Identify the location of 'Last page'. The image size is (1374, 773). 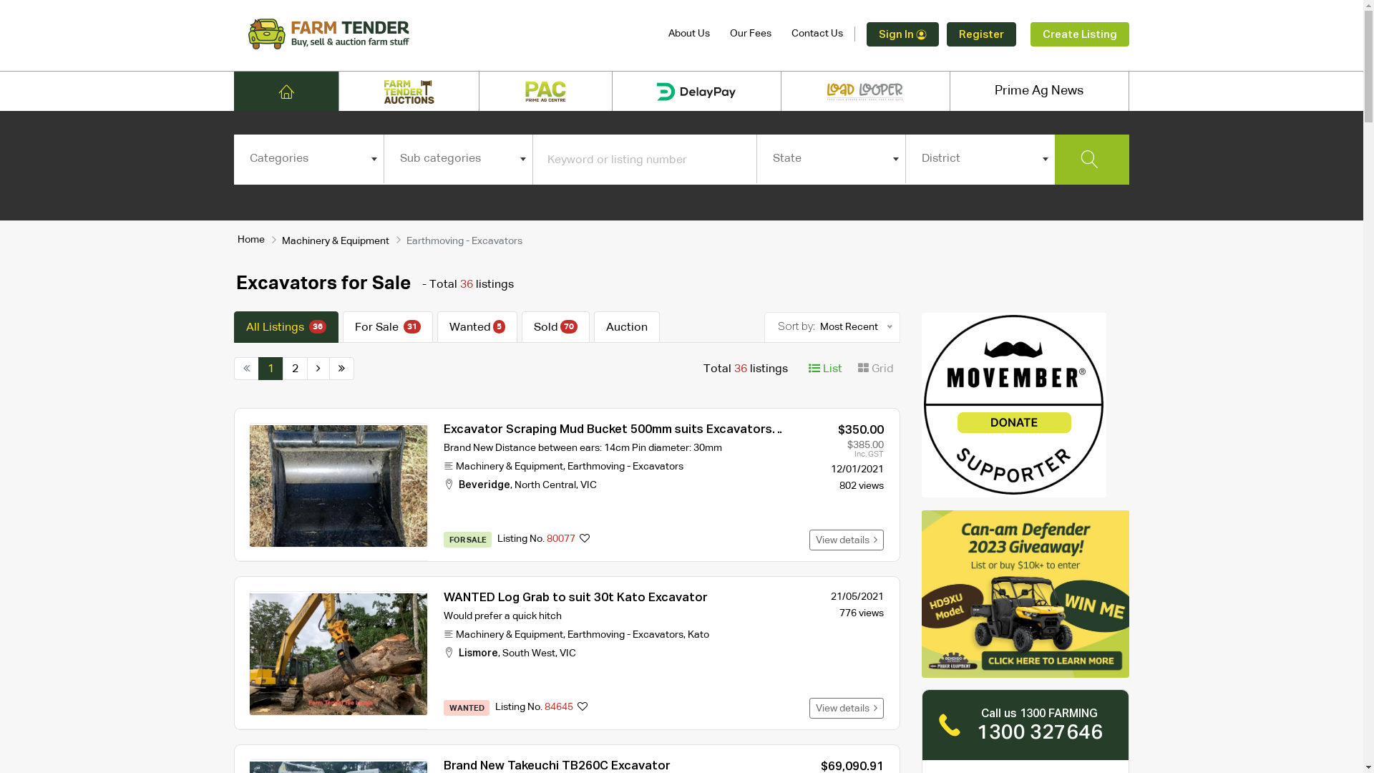
(341, 368).